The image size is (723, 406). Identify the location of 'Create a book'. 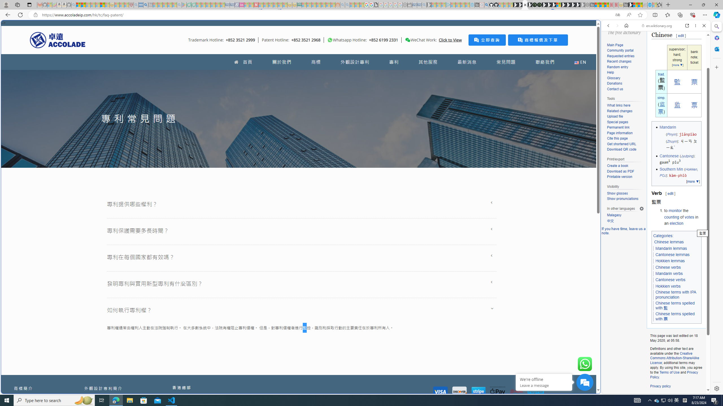
(617, 166).